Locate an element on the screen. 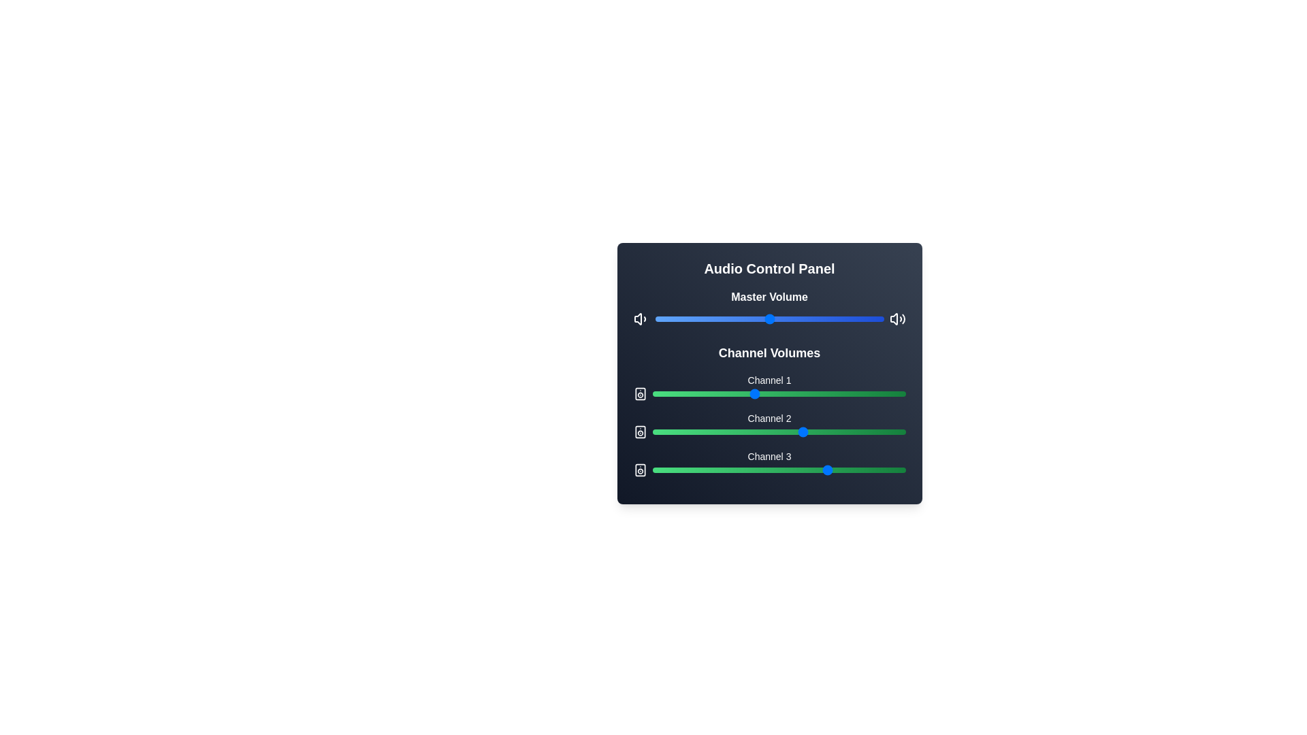 This screenshot has height=735, width=1307. the label that identifies the volume slider for 'Channel 3', which is located beneath the 'Channel Volumes' heading and aligns horizontally with the corresponding volume slider is located at coordinates (769, 457).